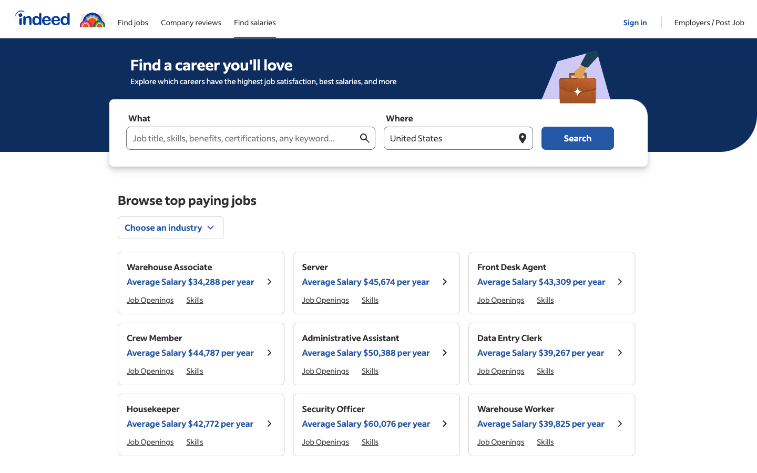 The width and height of the screenshot is (757, 473). What do you see at coordinates (171, 227) in the screenshot?
I see `Adjust the industry category for employment opportunities` at bounding box center [171, 227].